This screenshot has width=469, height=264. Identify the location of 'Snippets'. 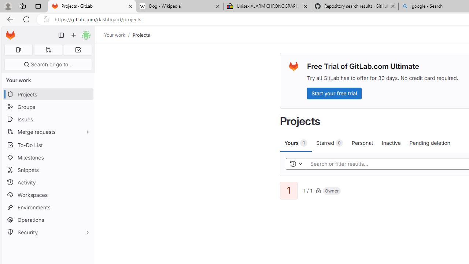
(48, 170).